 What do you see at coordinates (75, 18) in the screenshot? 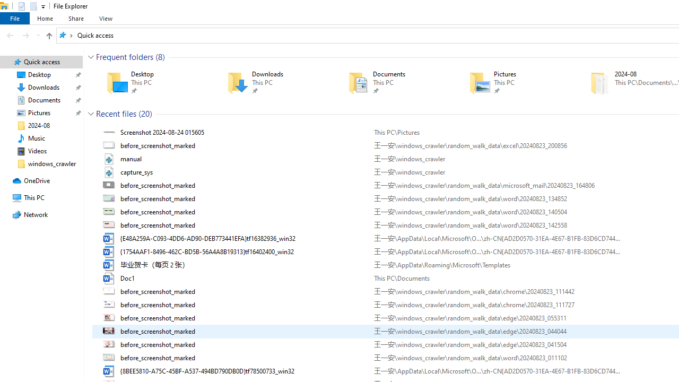
I see `'Share'` at bounding box center [75, 18].